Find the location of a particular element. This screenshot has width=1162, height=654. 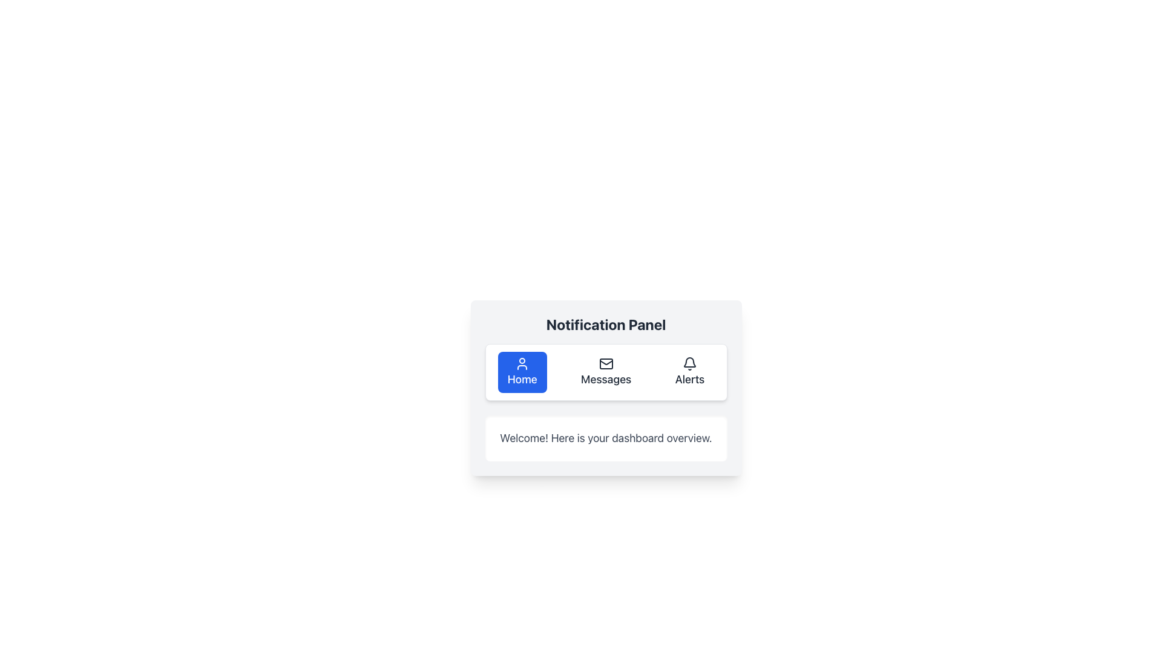

the 'Messages' icon is located at coordinates (606, 363).